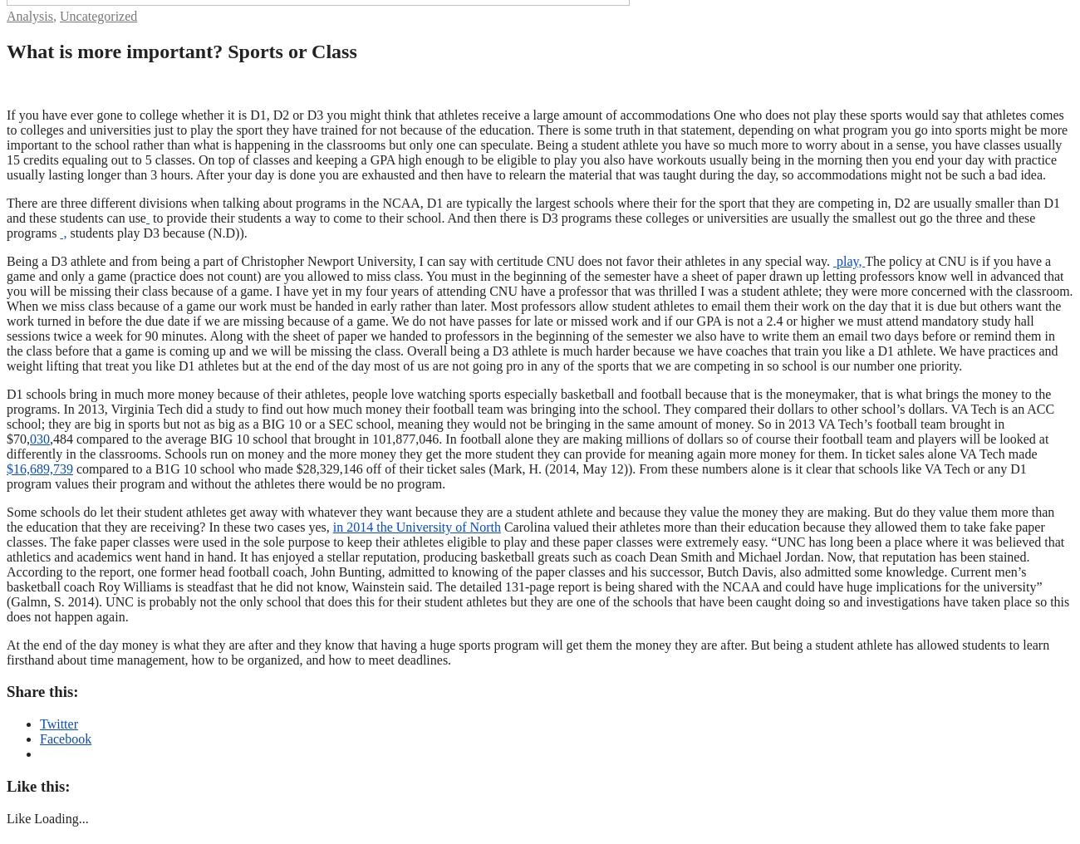 The width and height of the screenshot is (1080, 844). I want to click on 'compared to a B1G 10 school who made $28,329,146 off of their ticket sales (Mark, H. (2014, May 12)). From these numbers alone is it clear that schools like VA Tech or any D1 program values their program and without the athletes there would be no program.', so click(516, 475).